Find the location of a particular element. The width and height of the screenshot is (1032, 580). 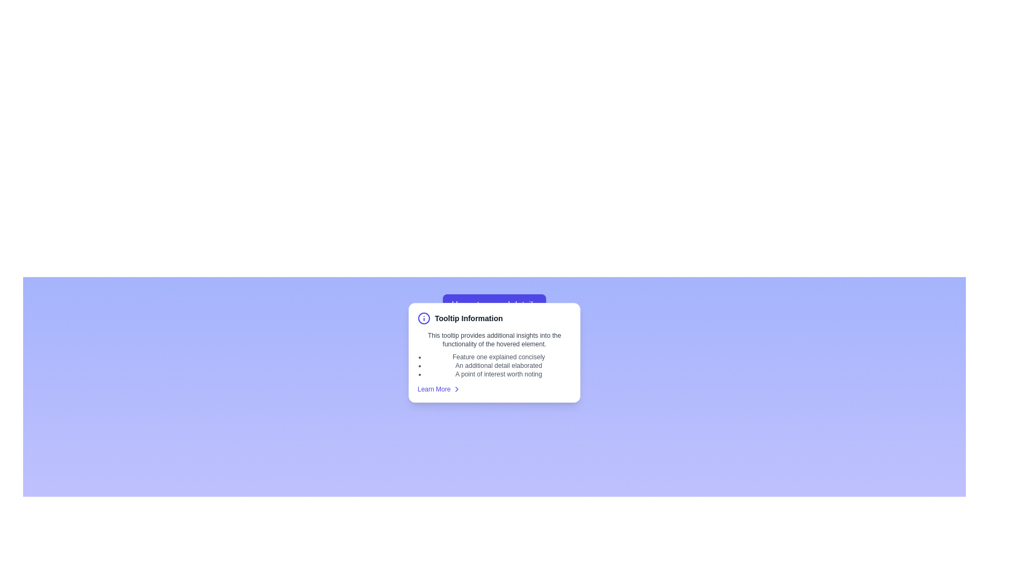

the static text that reads 'An additional detail elaborated' which is the second item in a bulleted list within a tooltip dialog box is located at coordinates (498, 365).